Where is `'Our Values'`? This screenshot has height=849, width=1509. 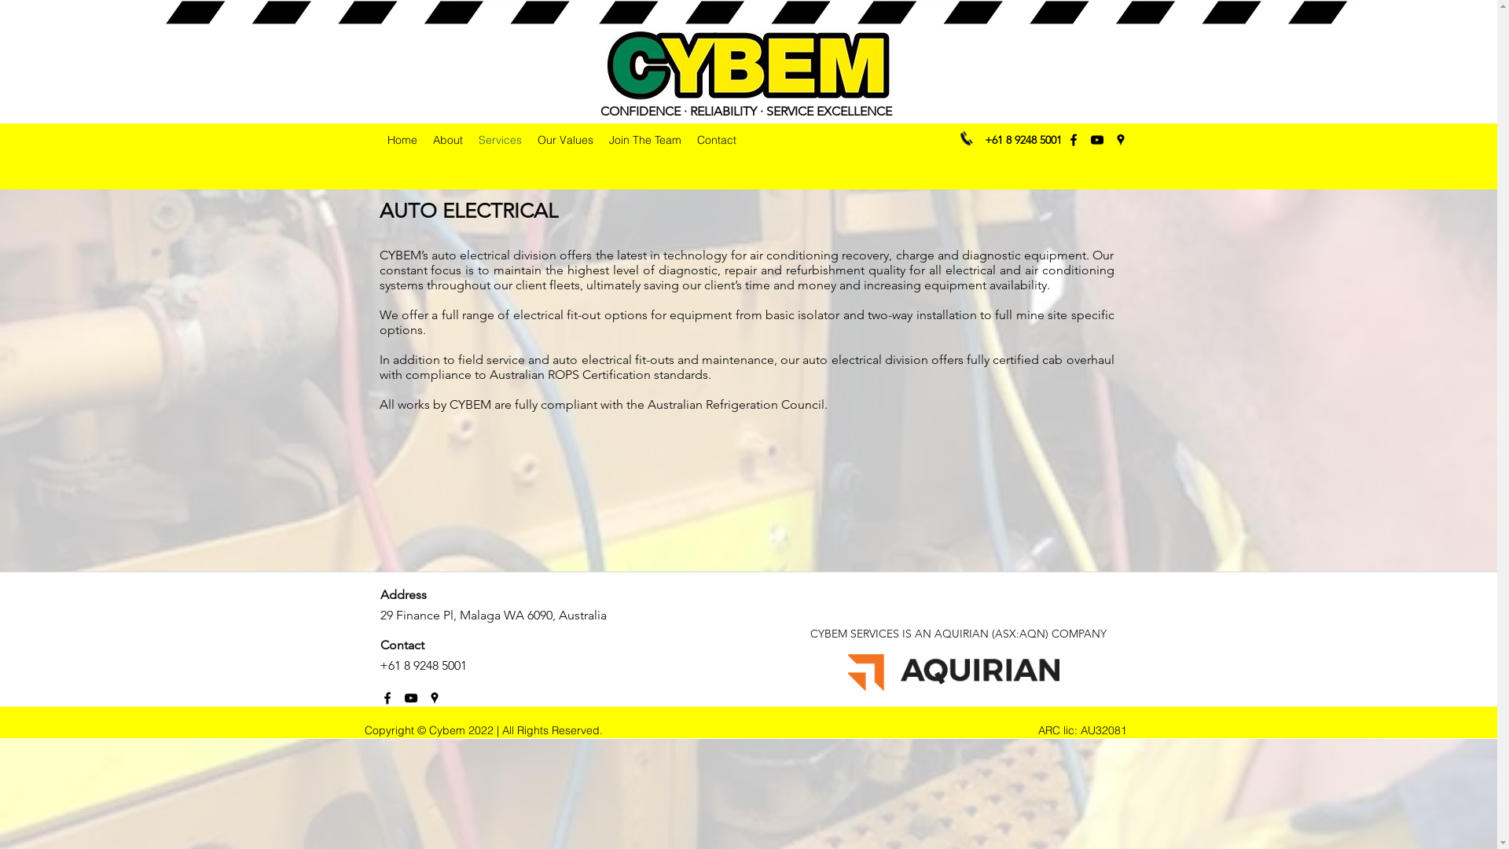
'Our Values' is located at coordinates (529, 138).